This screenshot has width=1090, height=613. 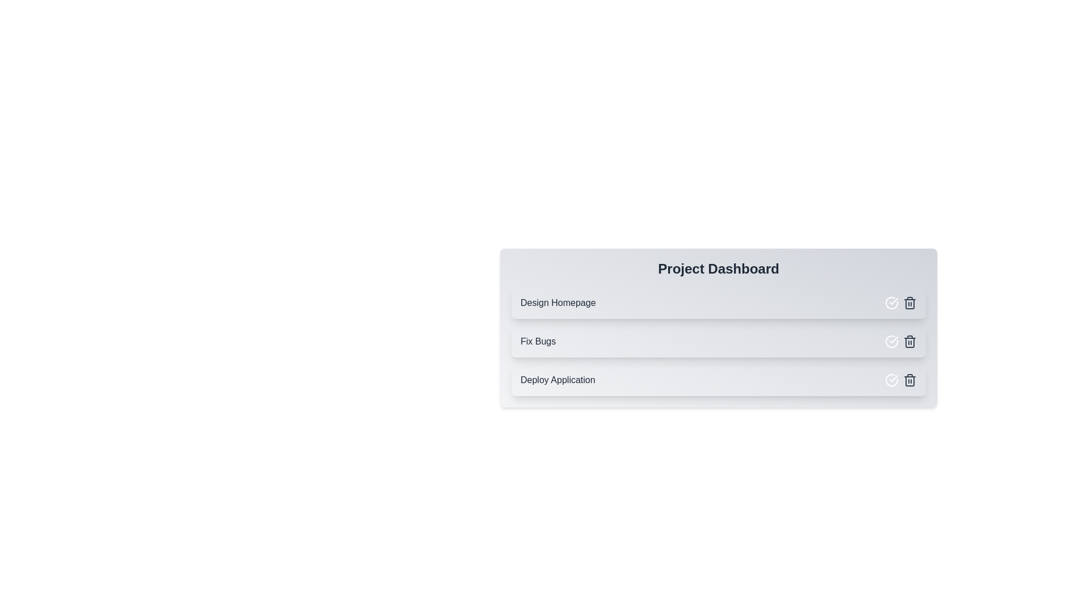 I want to click on the trash icon of the project named Design Homepage to delete it, so click(x=910, y=302).